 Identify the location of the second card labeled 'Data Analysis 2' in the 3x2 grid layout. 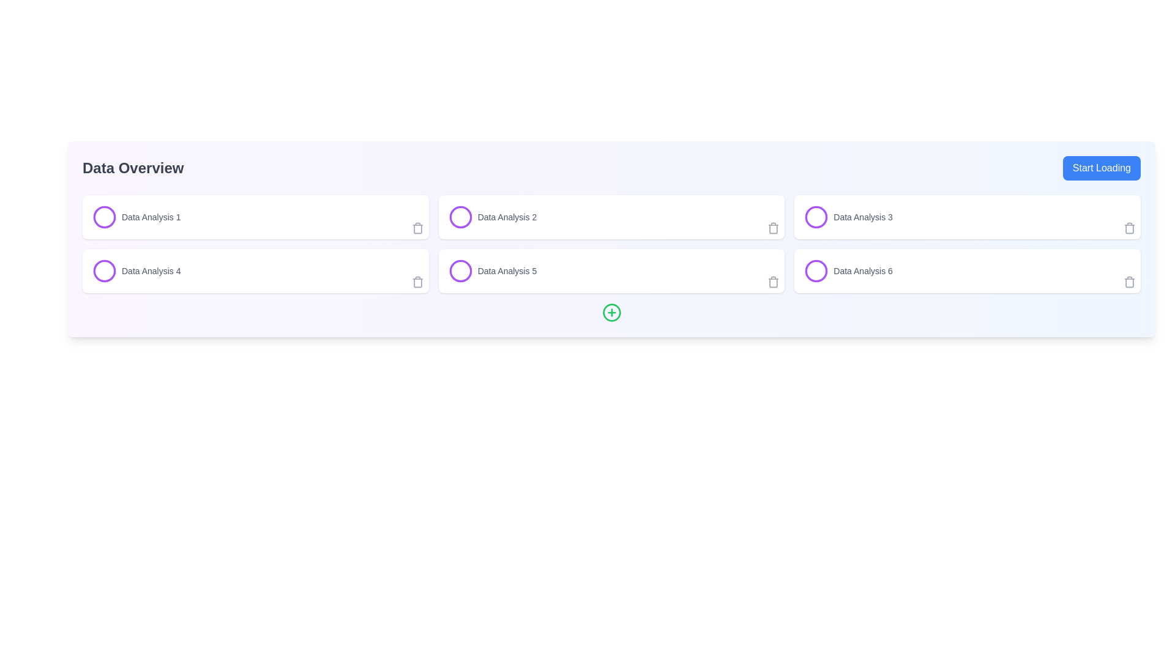
(611, 216).